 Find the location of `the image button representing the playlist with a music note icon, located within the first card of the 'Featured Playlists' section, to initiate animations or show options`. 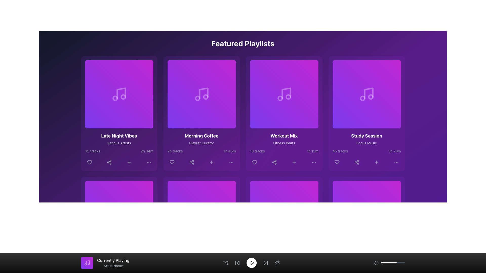

the image button representing the playlist with a music note icon, located within the first card of the 'Featured Playlists' section, to initiate animations or show options is located at coordinates (119, 94).